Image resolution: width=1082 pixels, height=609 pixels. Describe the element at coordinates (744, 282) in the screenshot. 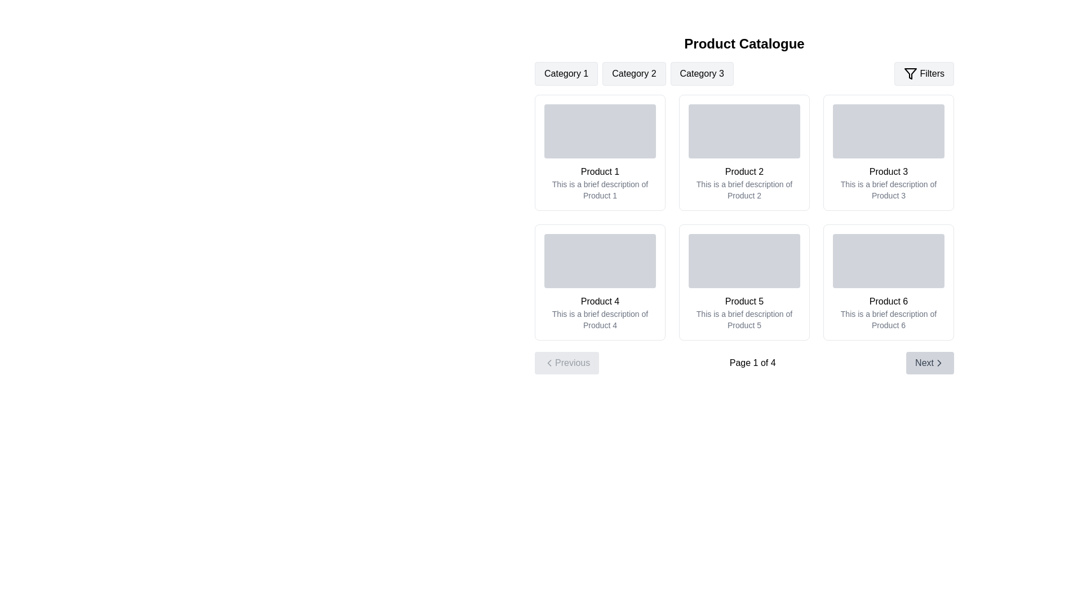

I see `the product card located in the second row and second column of the grid, adjacent to 'Product 4' on the left and 'Product 6' on the right` at that location.